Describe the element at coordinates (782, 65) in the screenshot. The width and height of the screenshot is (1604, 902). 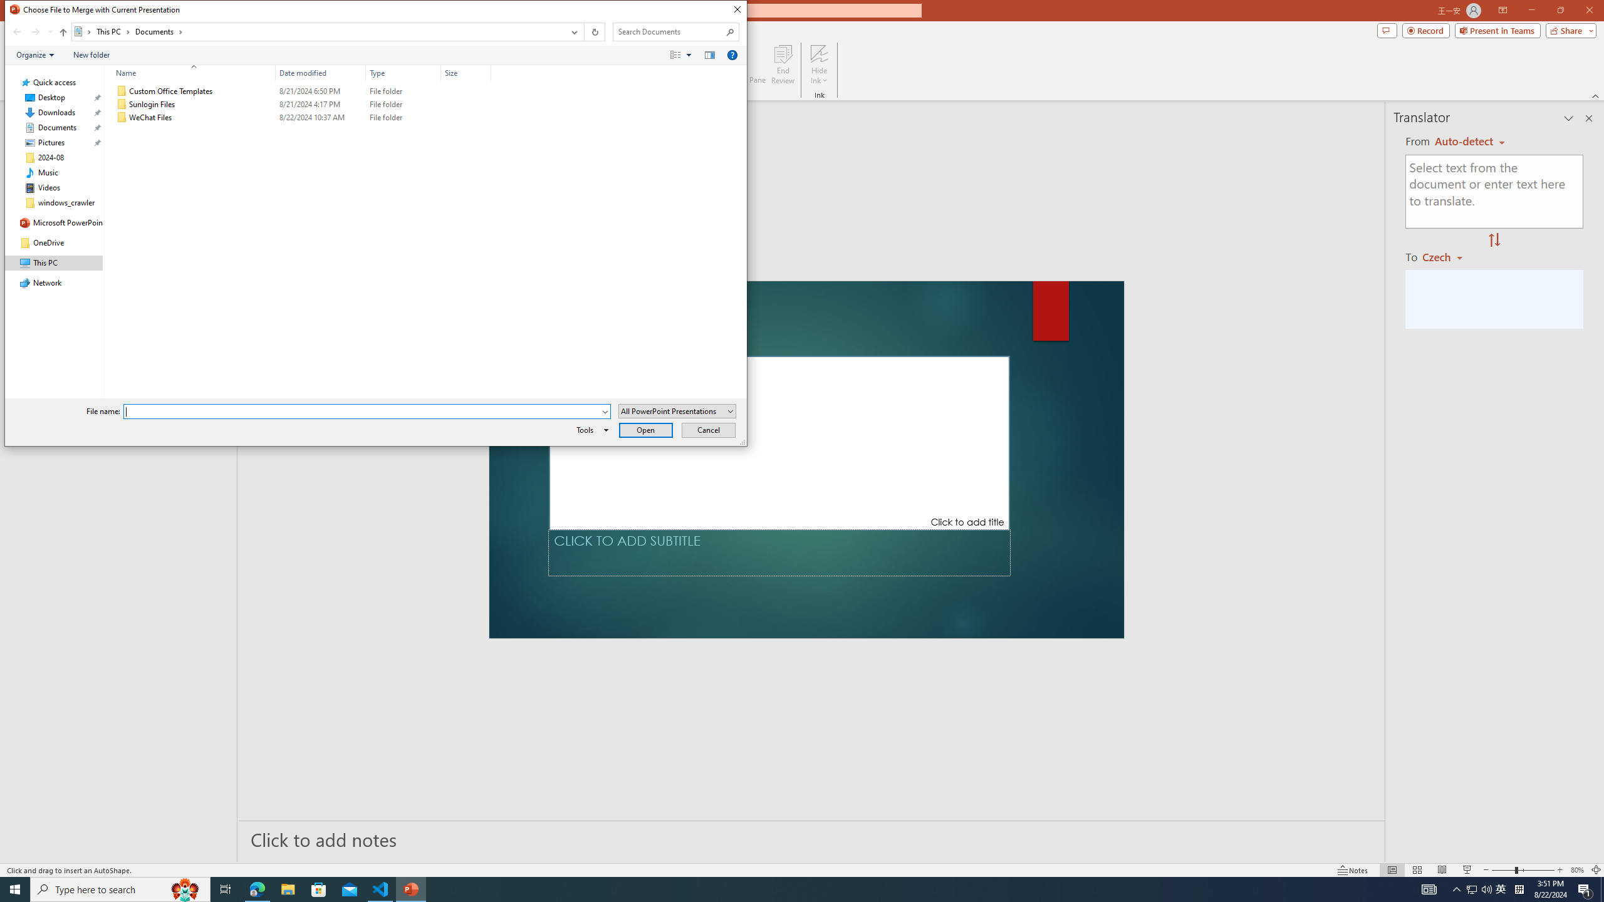
I see `'End Review'` at that location.